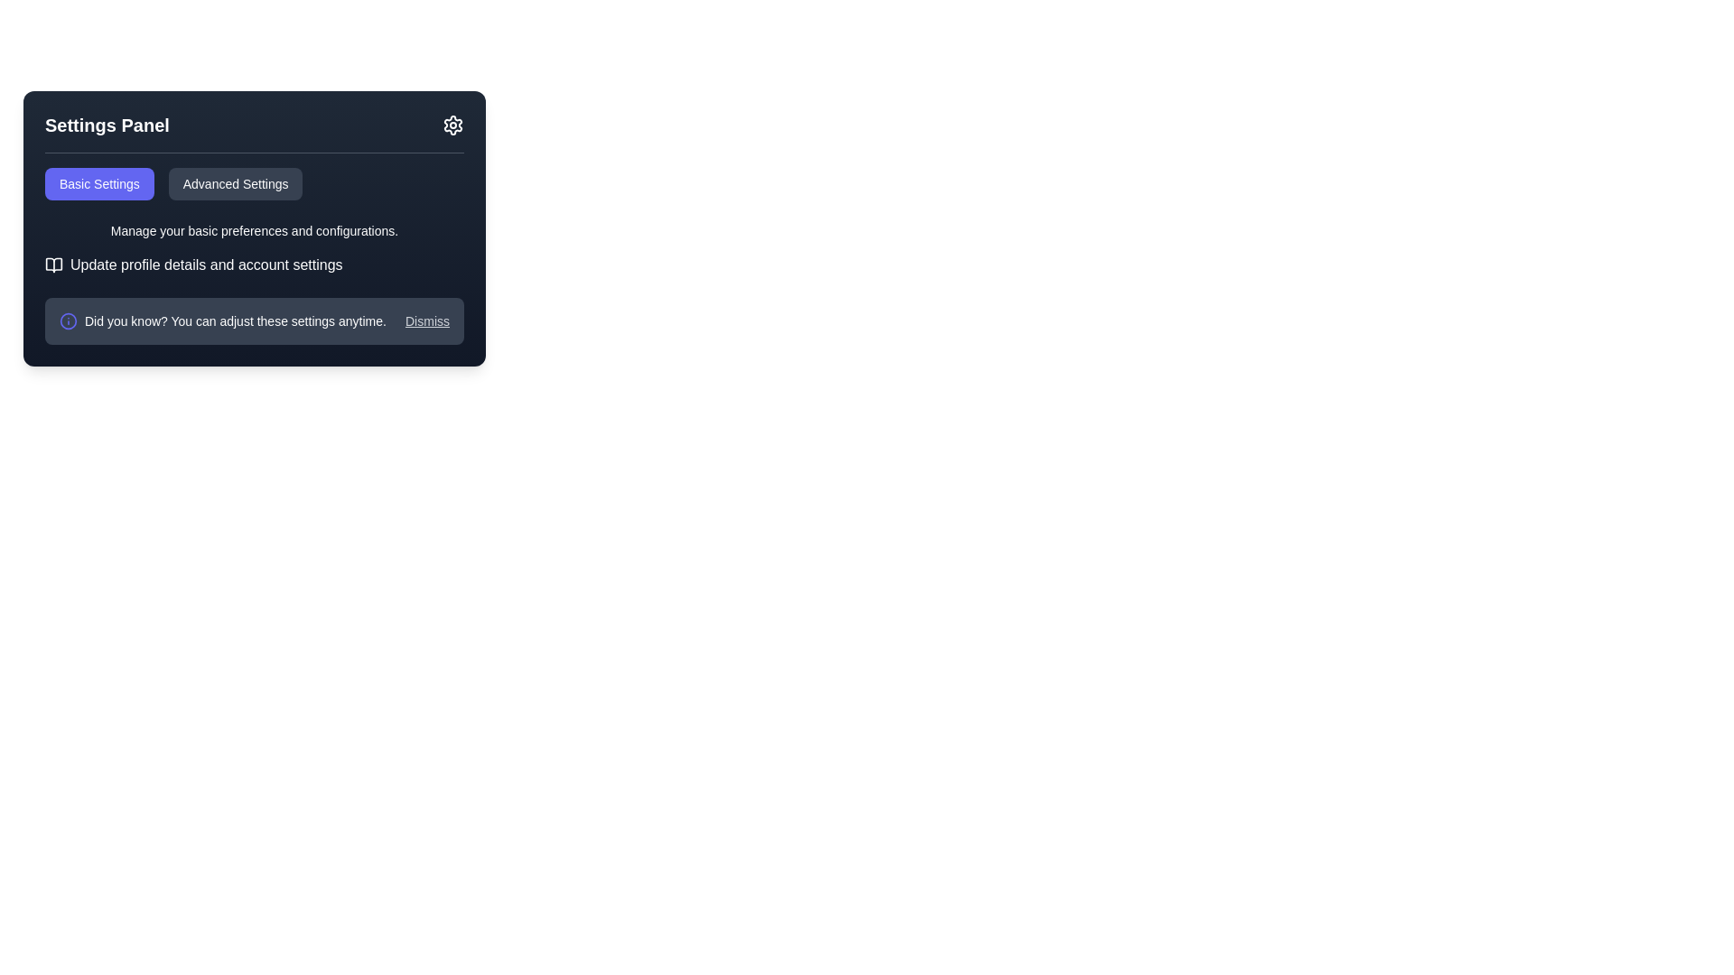  I want to click on the book icon representing documentation or user preferences located on the left side of the interface, above the text for updating profile details, so click(53, 265).